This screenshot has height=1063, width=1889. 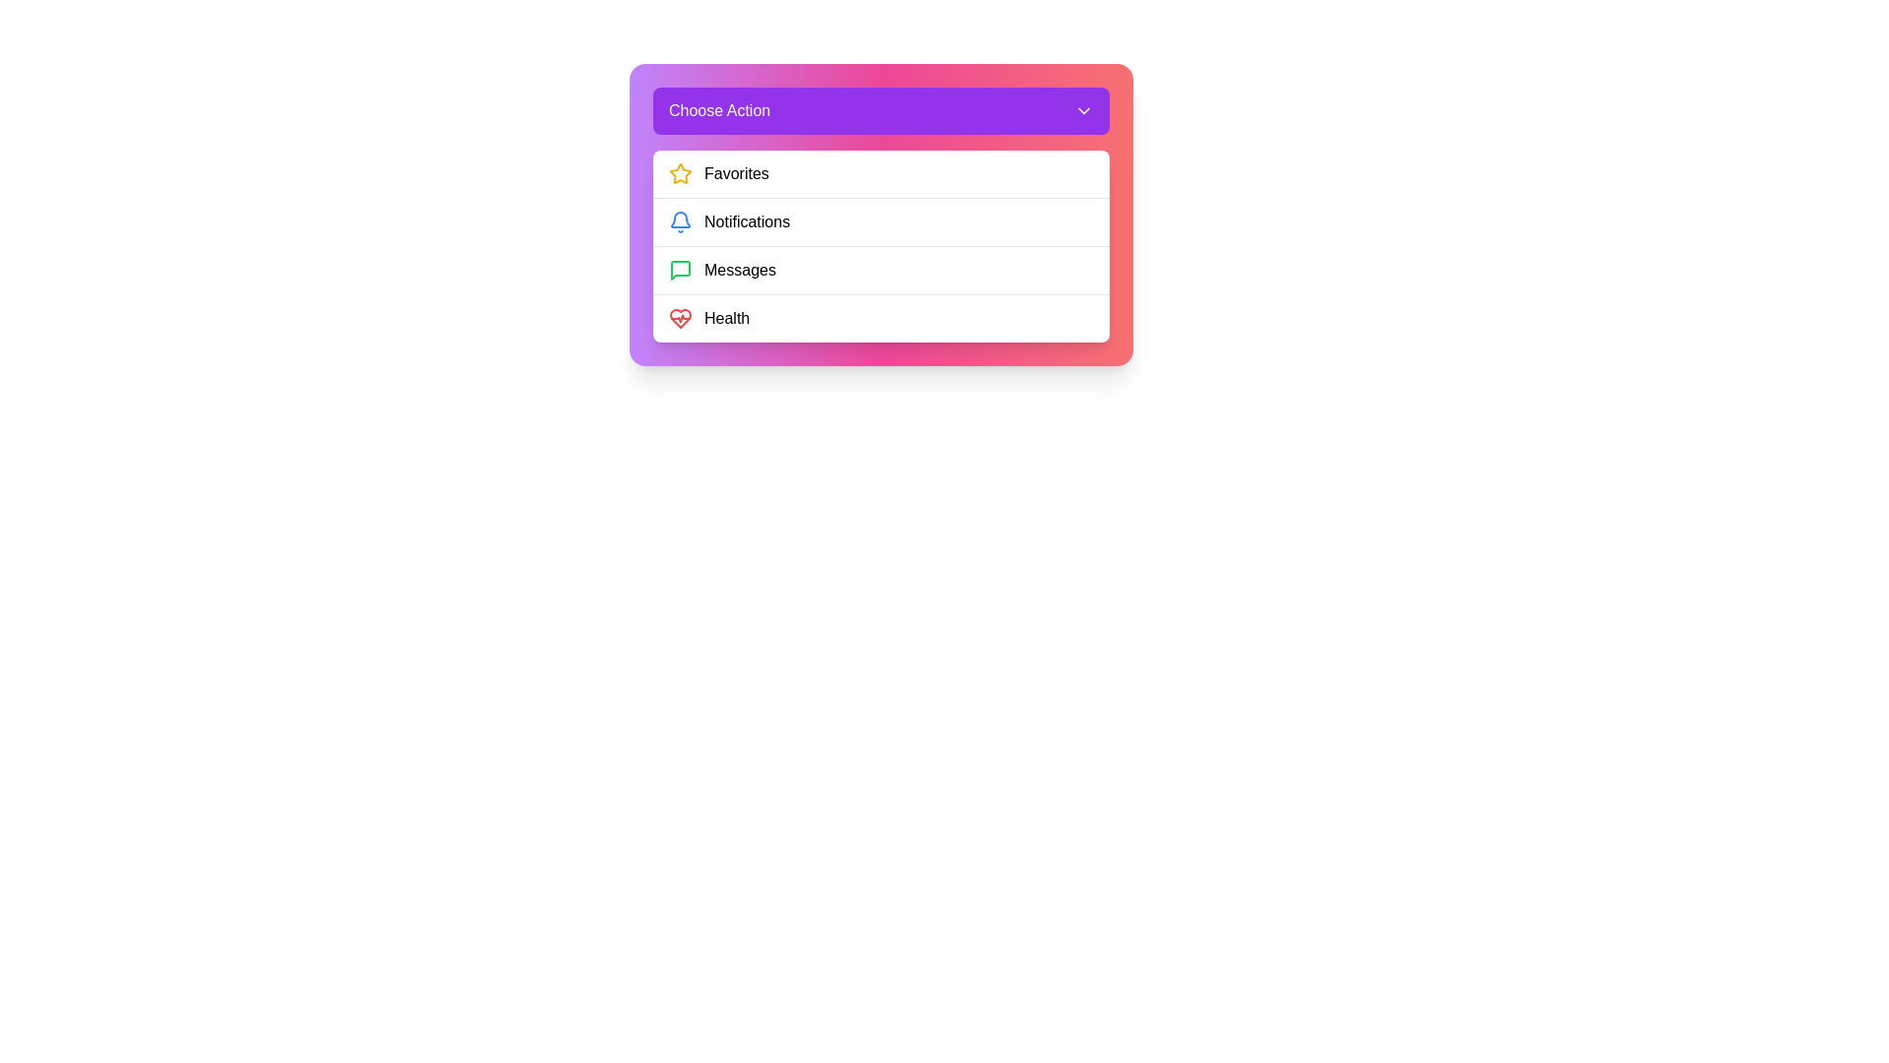 What do you see at coordinates (881, 221) in the screenshot?
I see `the second interactive list item in the dropdown menu` at bounding box center [881, 221].